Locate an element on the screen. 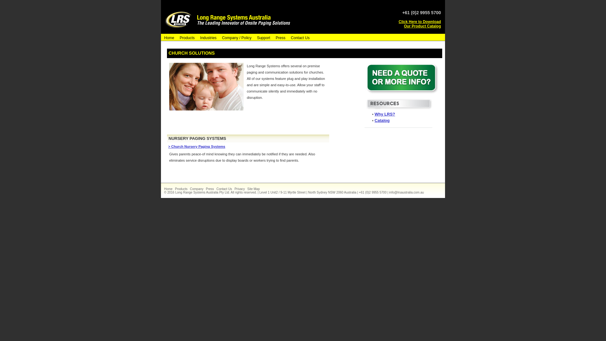 This screenshot has height=341, width=606. 'Privacy' is located at coordinates (240, 188).